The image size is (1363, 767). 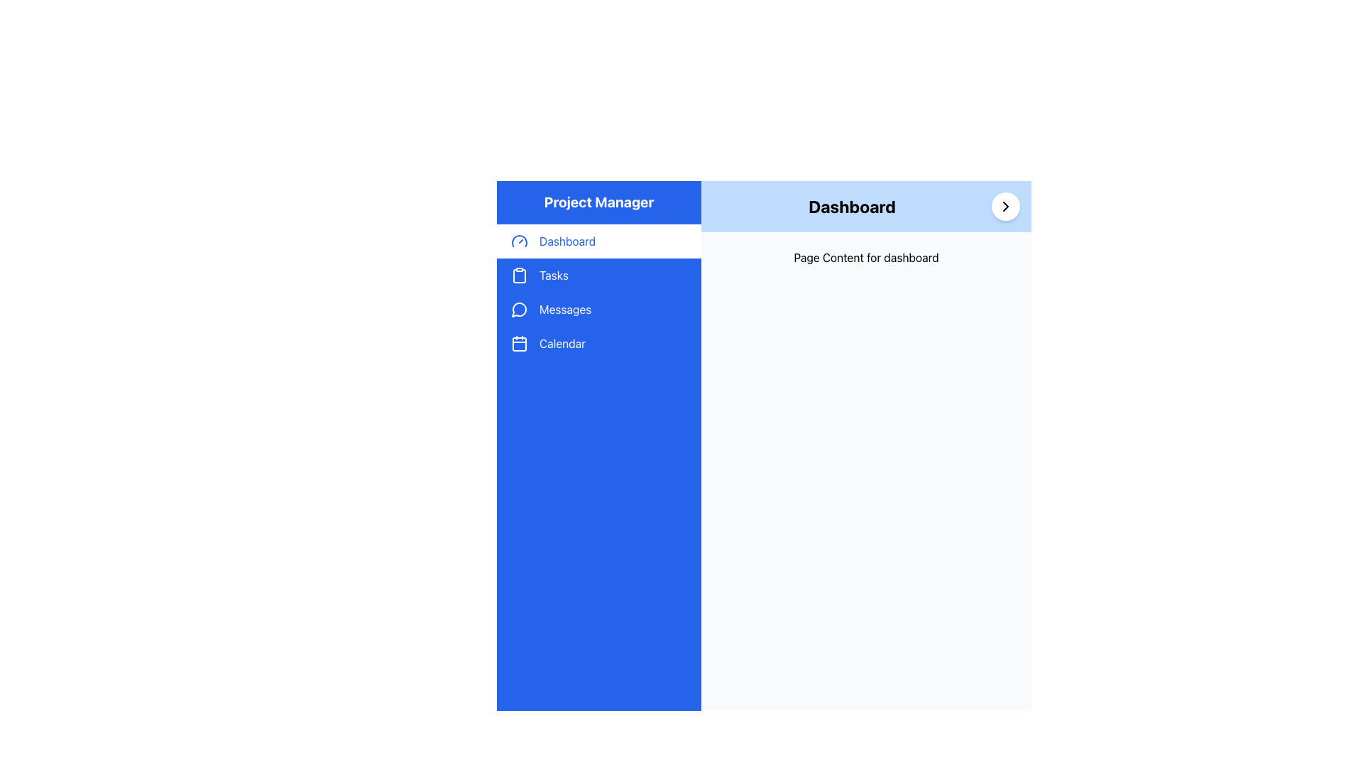 I want to click on the circular messaging icon located in the vertical navigation menu under the 'Messages' label, so click(x=518, y=308).